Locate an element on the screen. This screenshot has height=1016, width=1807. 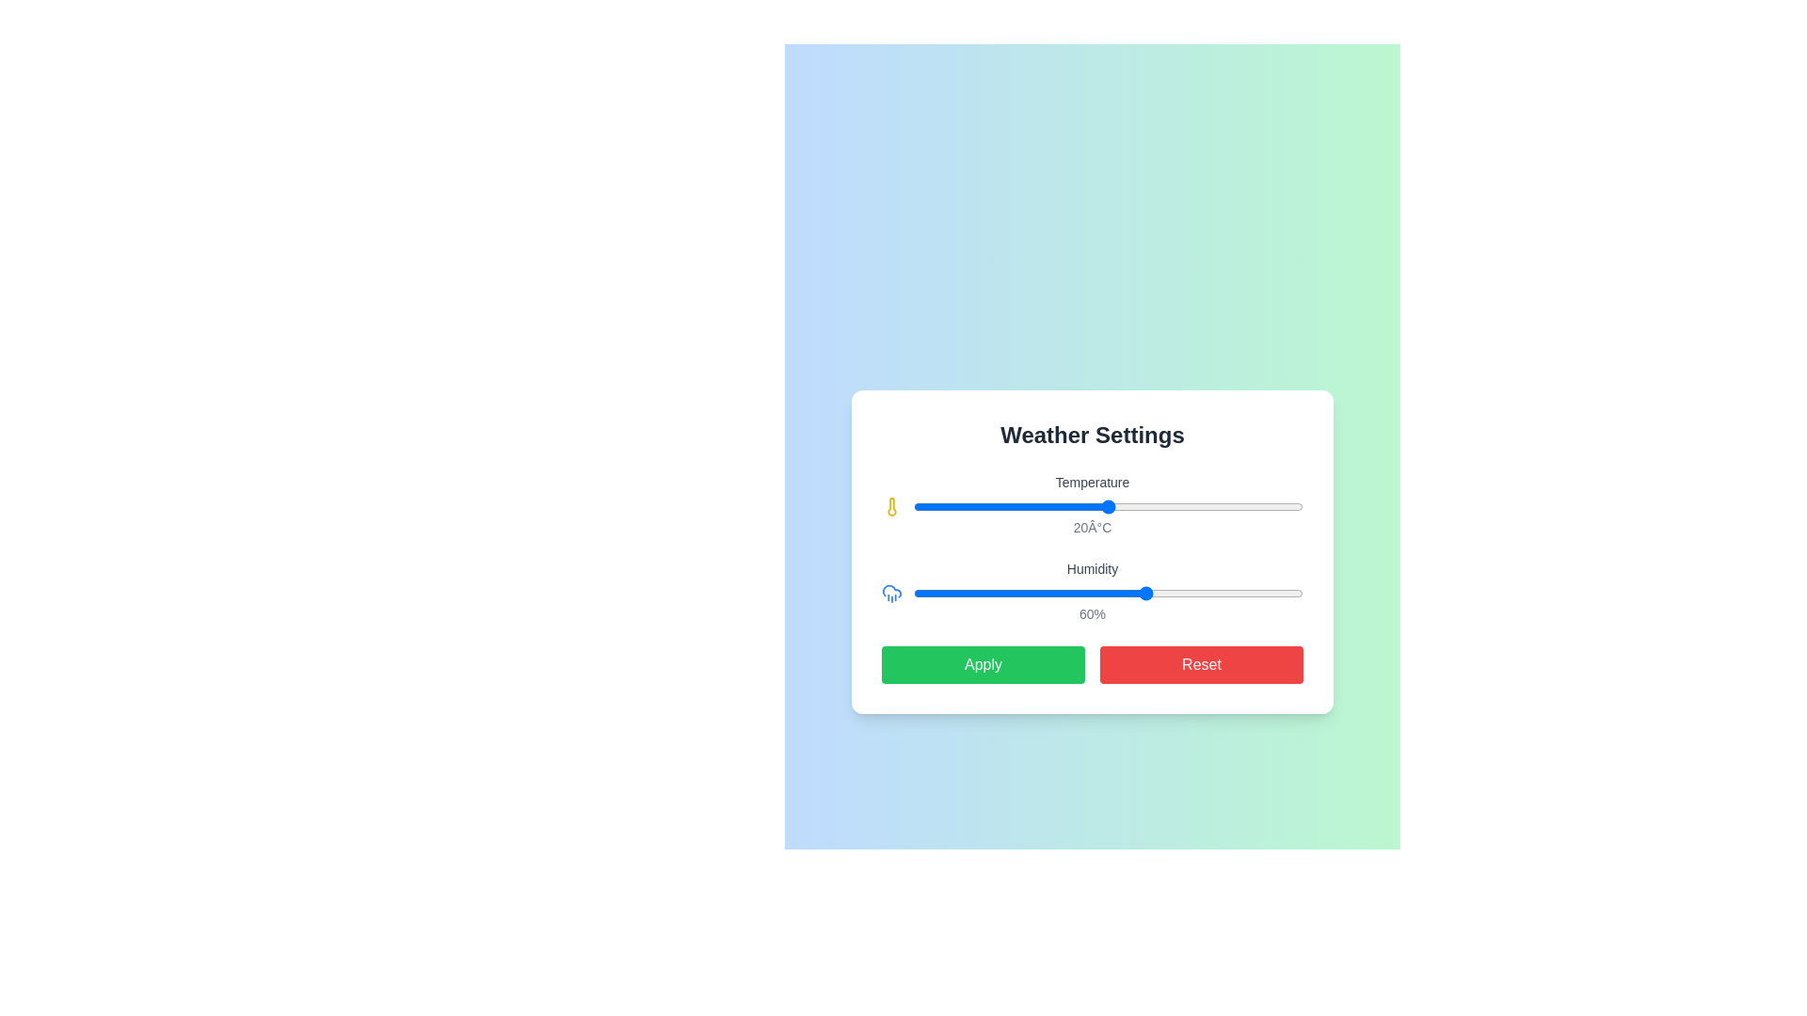
the temperature slider is located at coordinates (1273, 506).